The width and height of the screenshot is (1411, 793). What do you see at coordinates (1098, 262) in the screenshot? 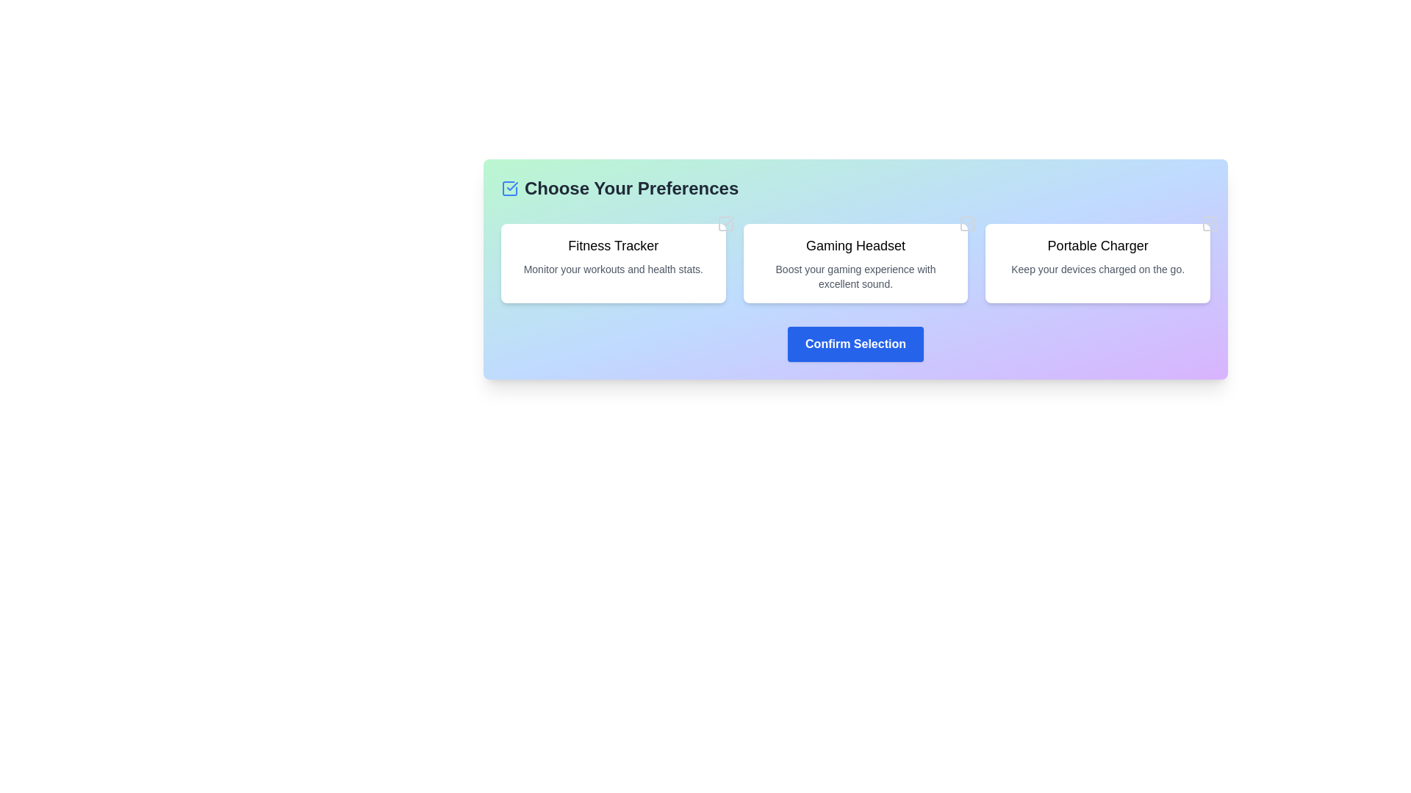
I see `descriptive text of the 'Portable Charger' Selectable Information Card, which is located as the third card from the left in a grid layout and is adjacent to the 'Gaming Headset' card` at bounding box center [1098, 262].